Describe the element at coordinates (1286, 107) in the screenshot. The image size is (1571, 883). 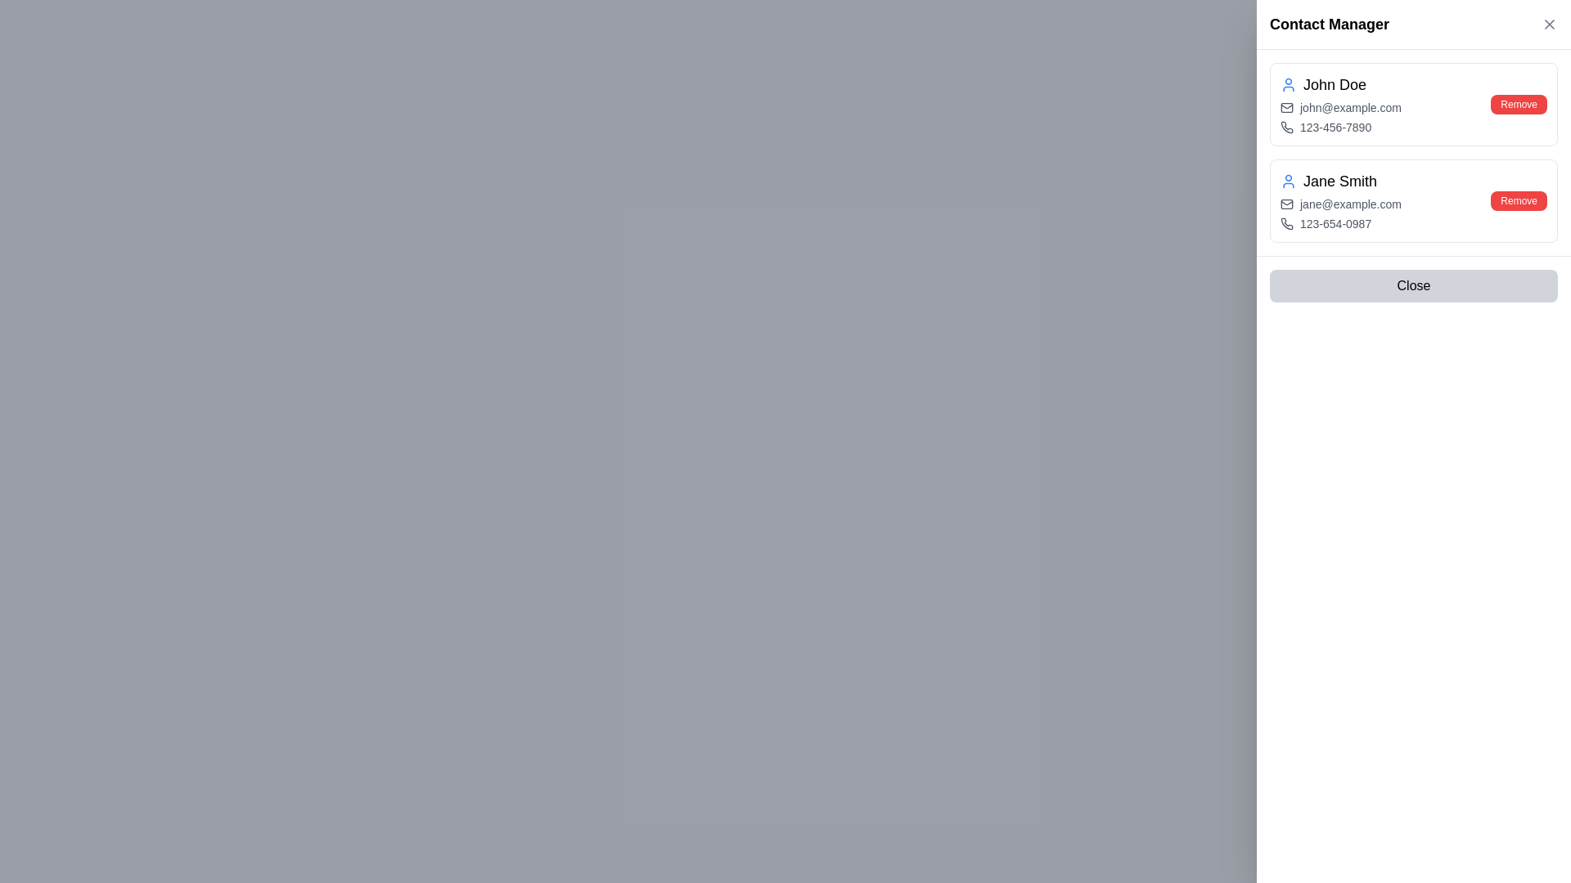
I see `the envelope icon representing email functionality, located to the left of the email address 'john@example.com' under 'John Doe' in the Contact Manager interface` at that location.